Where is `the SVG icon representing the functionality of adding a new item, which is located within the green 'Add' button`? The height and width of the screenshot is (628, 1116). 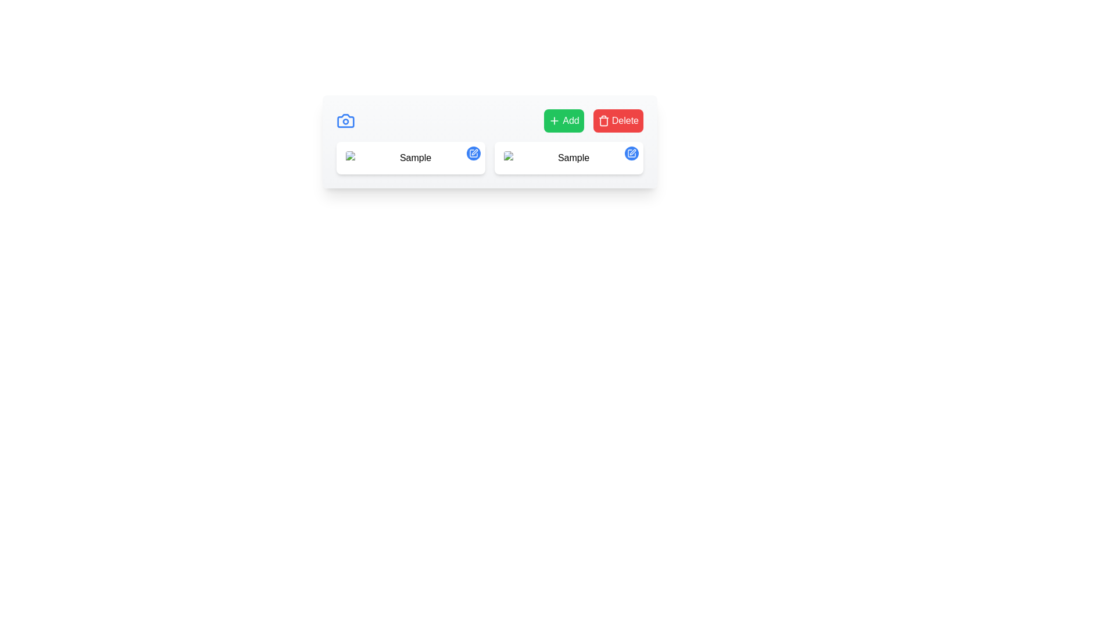
the SVG icon representing the functionality of adding a new item, which is located within the green 'Add' button is located at coordinates (554, 121).